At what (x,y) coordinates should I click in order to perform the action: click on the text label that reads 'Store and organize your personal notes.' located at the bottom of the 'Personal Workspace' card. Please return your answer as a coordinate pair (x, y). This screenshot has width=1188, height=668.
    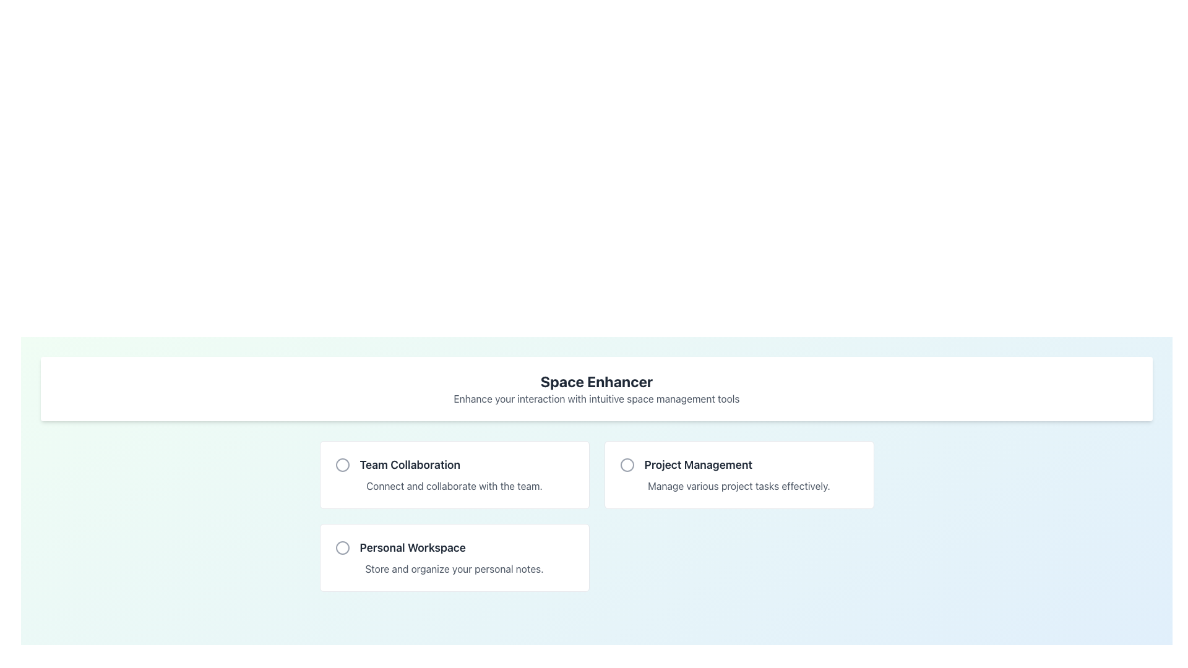
    Looking at the image, I should click on (454, 569).